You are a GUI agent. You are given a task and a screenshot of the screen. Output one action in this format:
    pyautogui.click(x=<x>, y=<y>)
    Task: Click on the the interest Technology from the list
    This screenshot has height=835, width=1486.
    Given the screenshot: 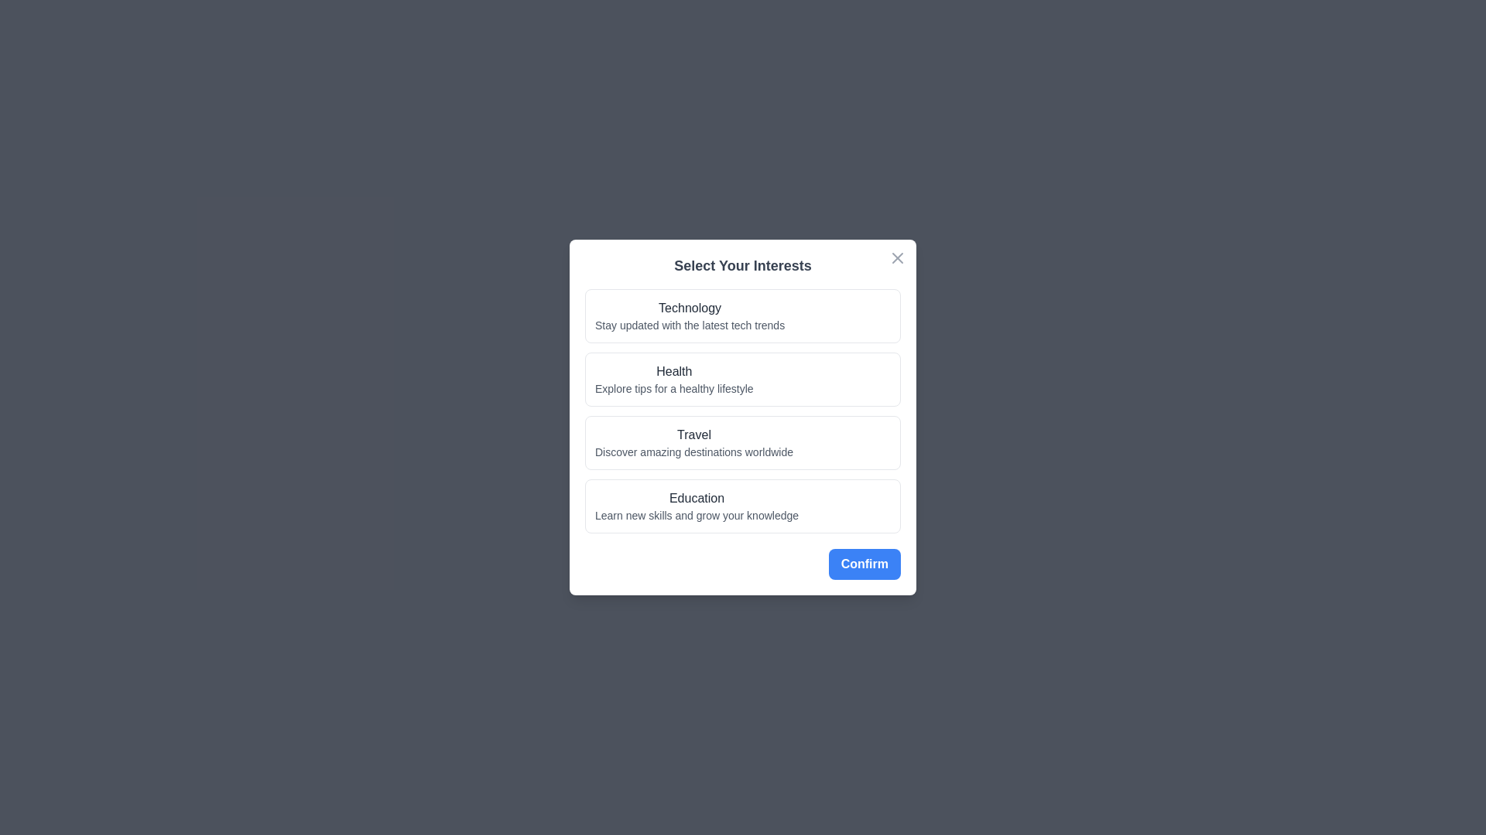 What is the action you would take?
    pyautogui.click(x=743, y=315)
    